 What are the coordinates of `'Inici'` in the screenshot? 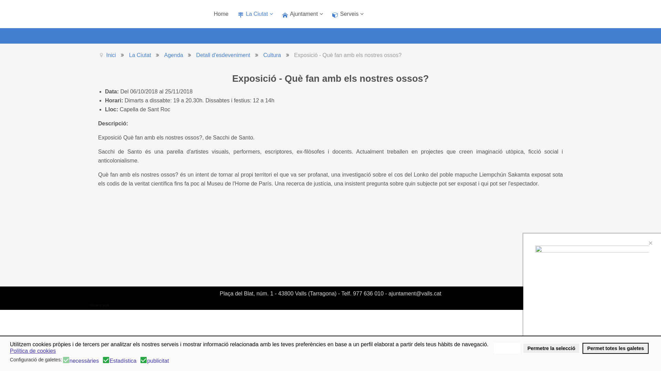 It's located at (105, 55).